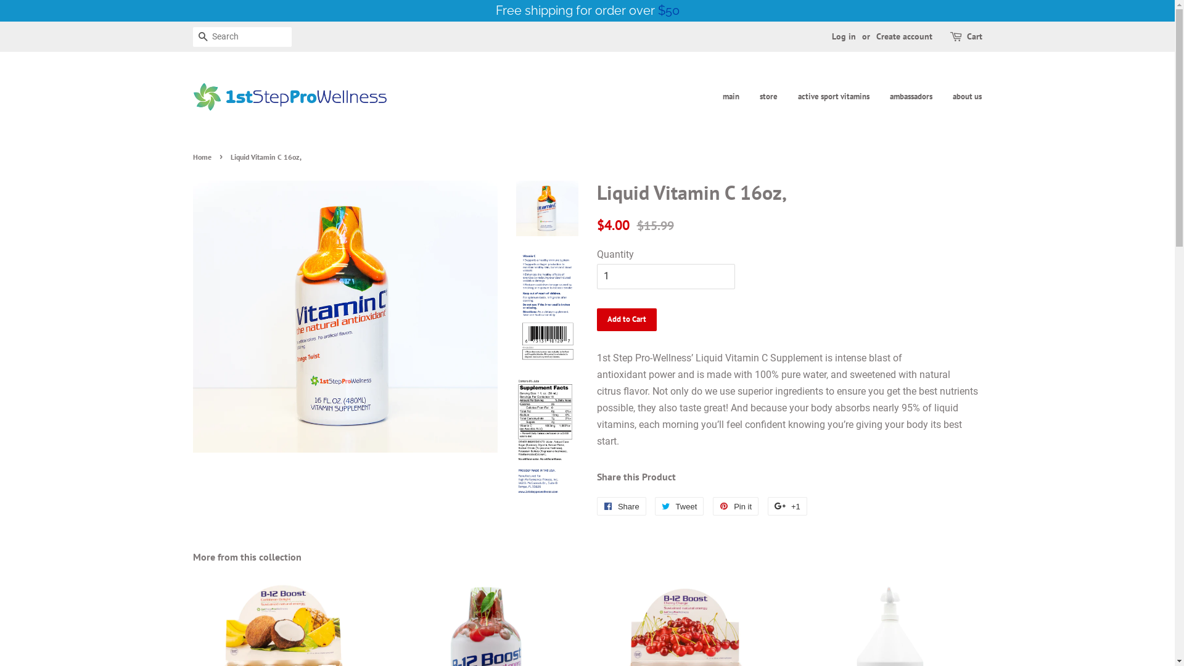 Image resolution: width=1184 pixels, height=666 pixels. What do you see at coordinates (966, 36) in the screenshot?
I see `'Cart'` at bounding box center [966, 36].